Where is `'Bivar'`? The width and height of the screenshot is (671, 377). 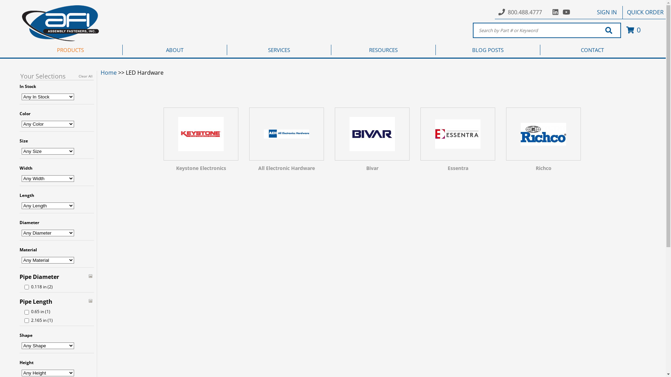
'Bivar' is located at coordinates (372, 141).